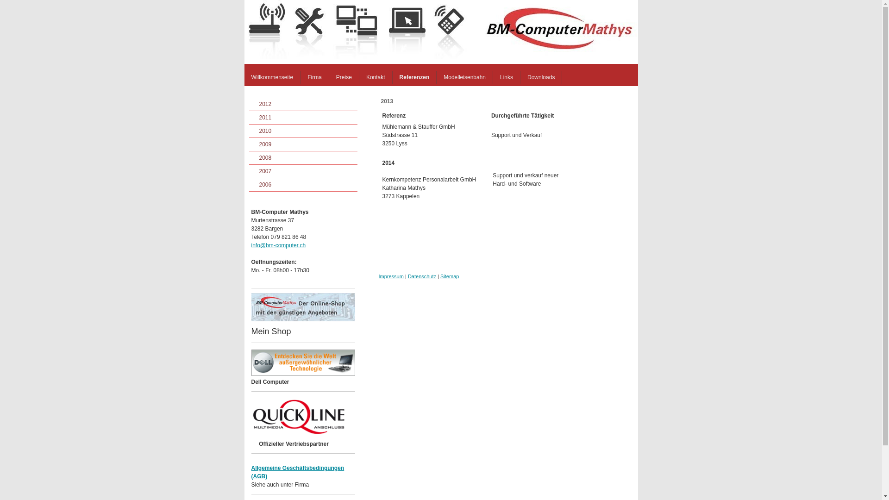  I want to click on 'Willkommenseite', so click(244, 76).